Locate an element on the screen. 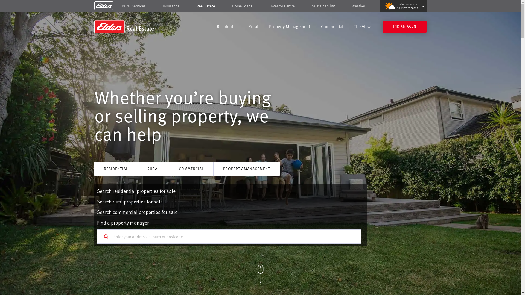  'Sustainability' is located at coordinates (323, 6).